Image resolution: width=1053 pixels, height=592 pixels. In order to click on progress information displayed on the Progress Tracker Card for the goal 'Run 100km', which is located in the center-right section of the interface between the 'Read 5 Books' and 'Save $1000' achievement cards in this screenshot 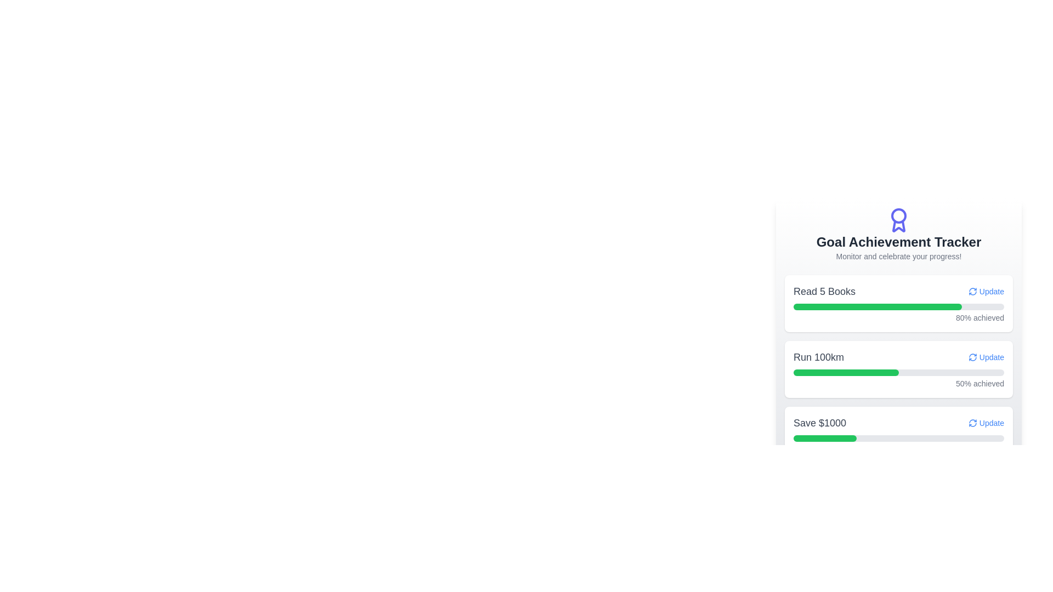, I will do `click(898, 369)`.